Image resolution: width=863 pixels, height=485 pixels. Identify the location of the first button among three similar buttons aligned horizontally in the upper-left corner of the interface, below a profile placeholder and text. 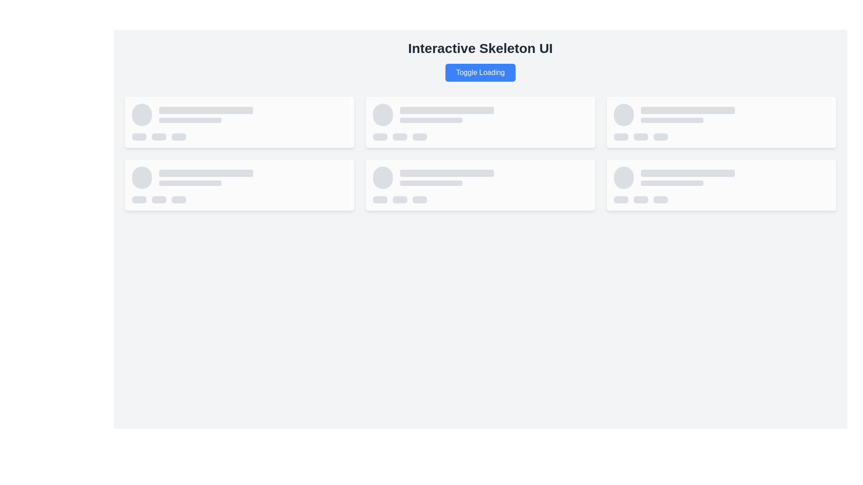
(139, 137).